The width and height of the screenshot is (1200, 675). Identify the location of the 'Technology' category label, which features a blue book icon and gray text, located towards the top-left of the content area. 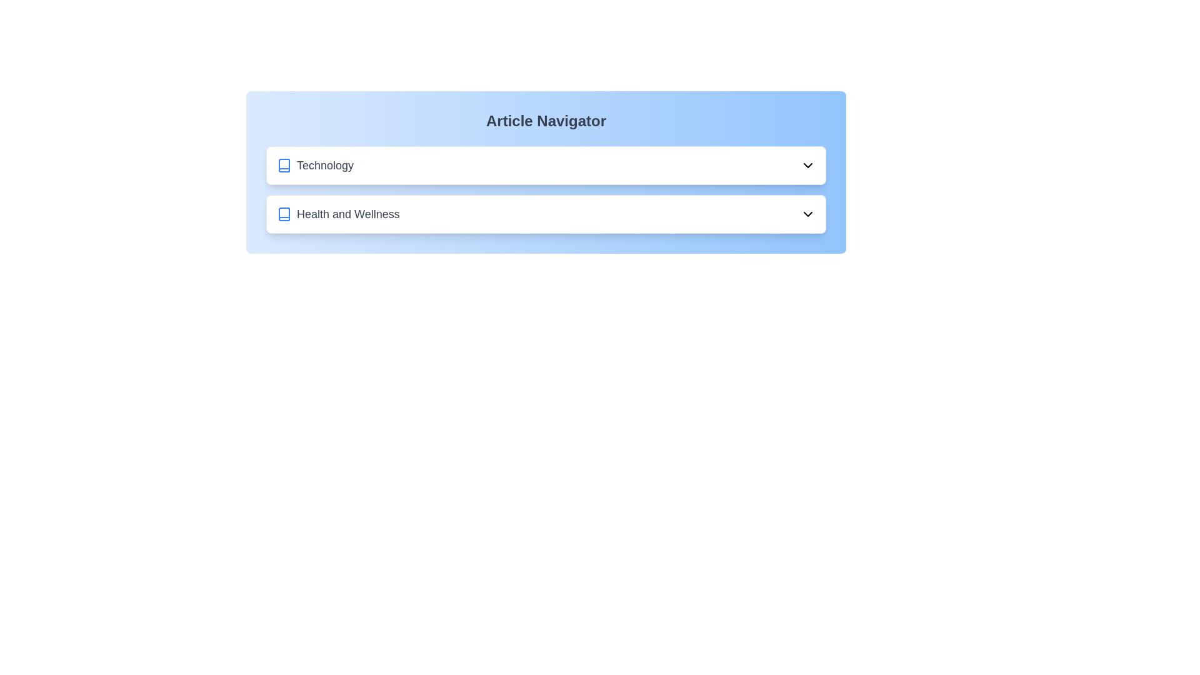
(315, 165).